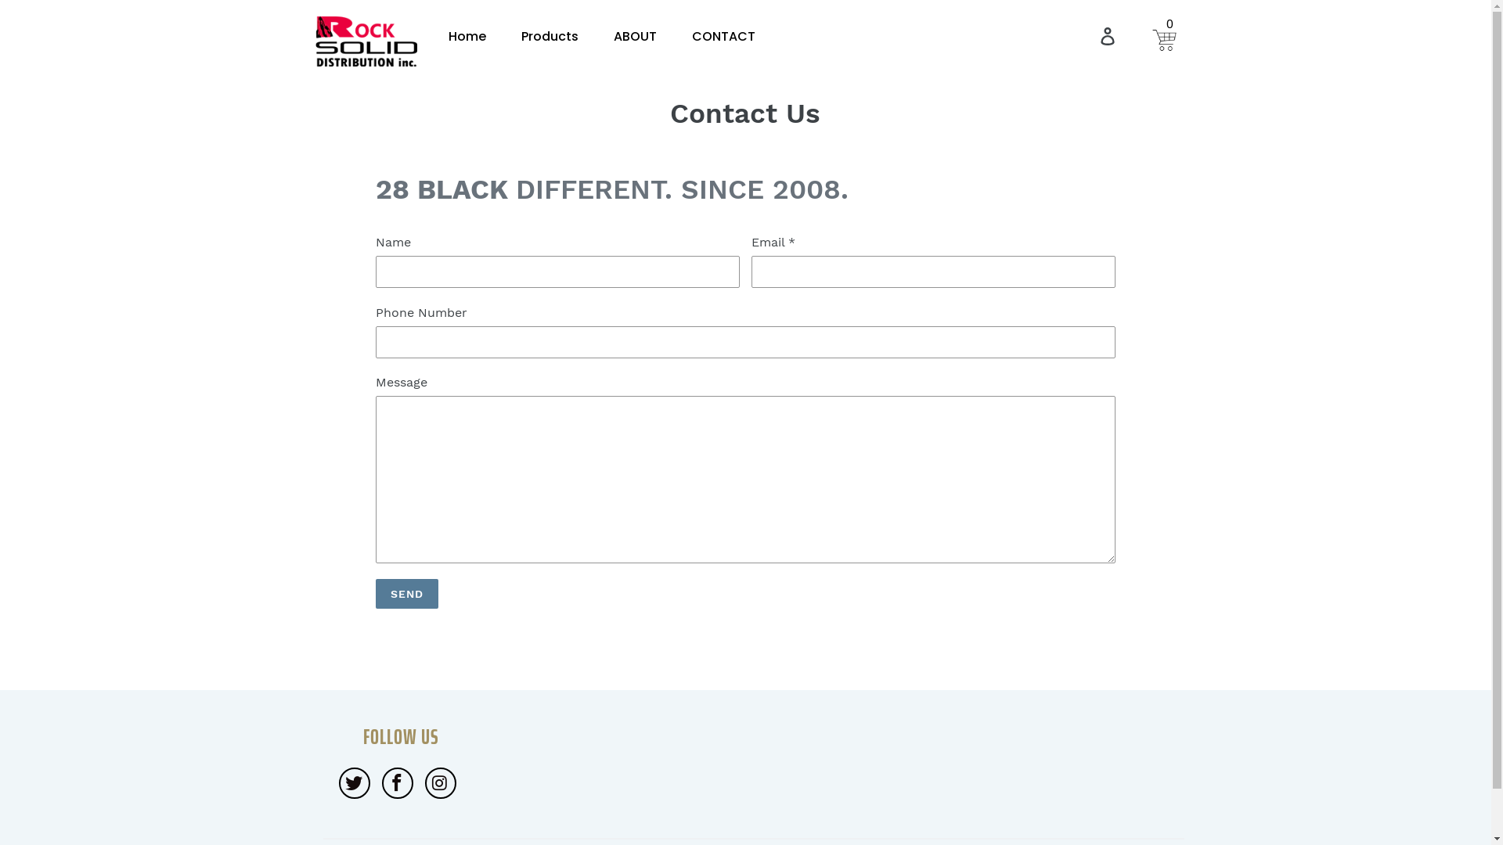  I want to click on 'Log in', so click(1089, 35).